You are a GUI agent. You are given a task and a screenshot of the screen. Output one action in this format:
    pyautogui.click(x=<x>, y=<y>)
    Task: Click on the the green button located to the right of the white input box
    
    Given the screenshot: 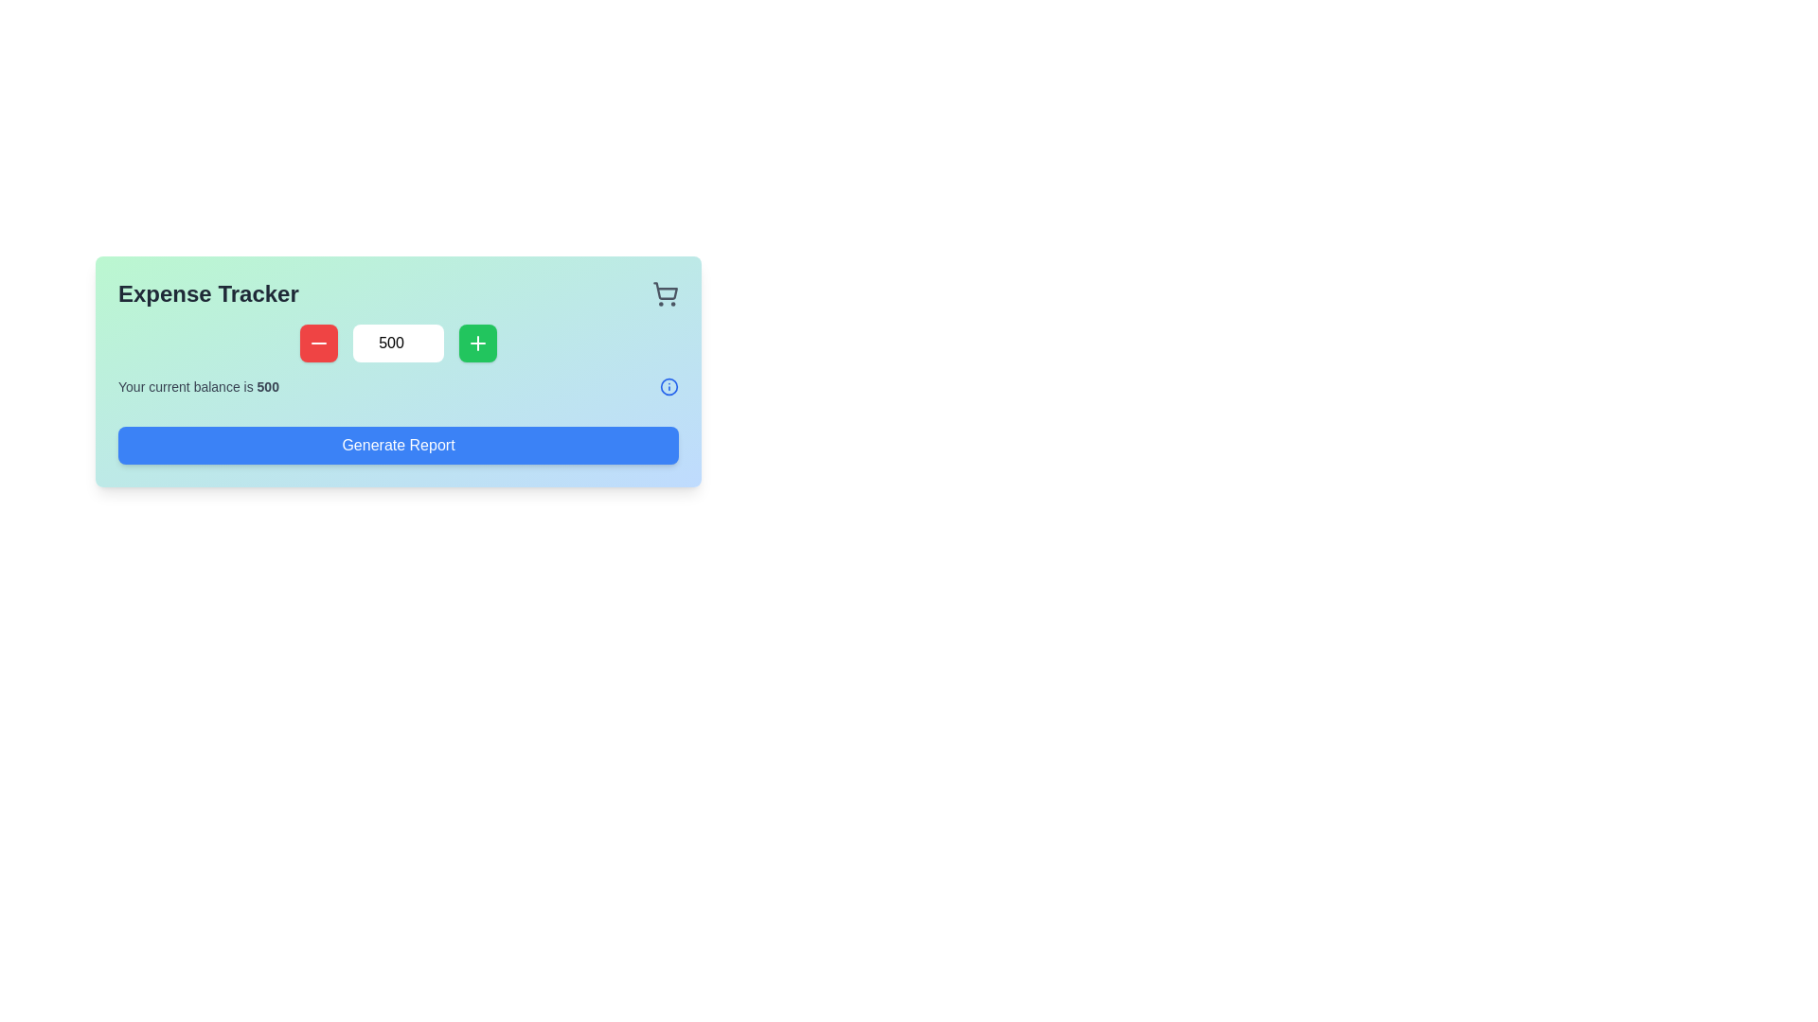 What is the action you would take?
    pyautogui.click(x=477, y=343)
    